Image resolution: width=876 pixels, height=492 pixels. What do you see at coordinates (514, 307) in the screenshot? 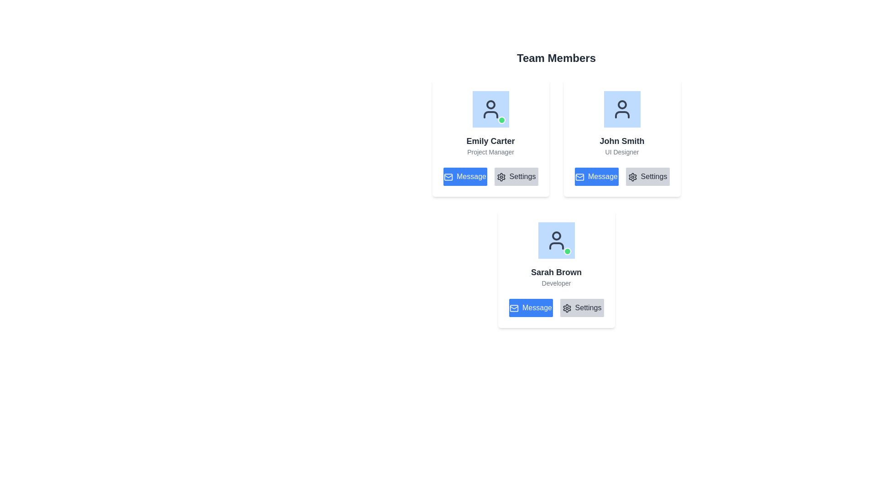
I see `the mail icon, which is a minimalistic envelope shape outline in light blue, located within the 'Message' button under Sarah Brown's profile card` at bounding box center [514, 307].